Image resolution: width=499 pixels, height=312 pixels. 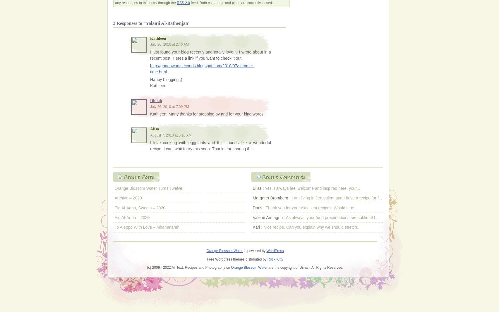 I want to click on ': Nice recipe. Can you explain why we should stretch...', so click(x=310, y=227).